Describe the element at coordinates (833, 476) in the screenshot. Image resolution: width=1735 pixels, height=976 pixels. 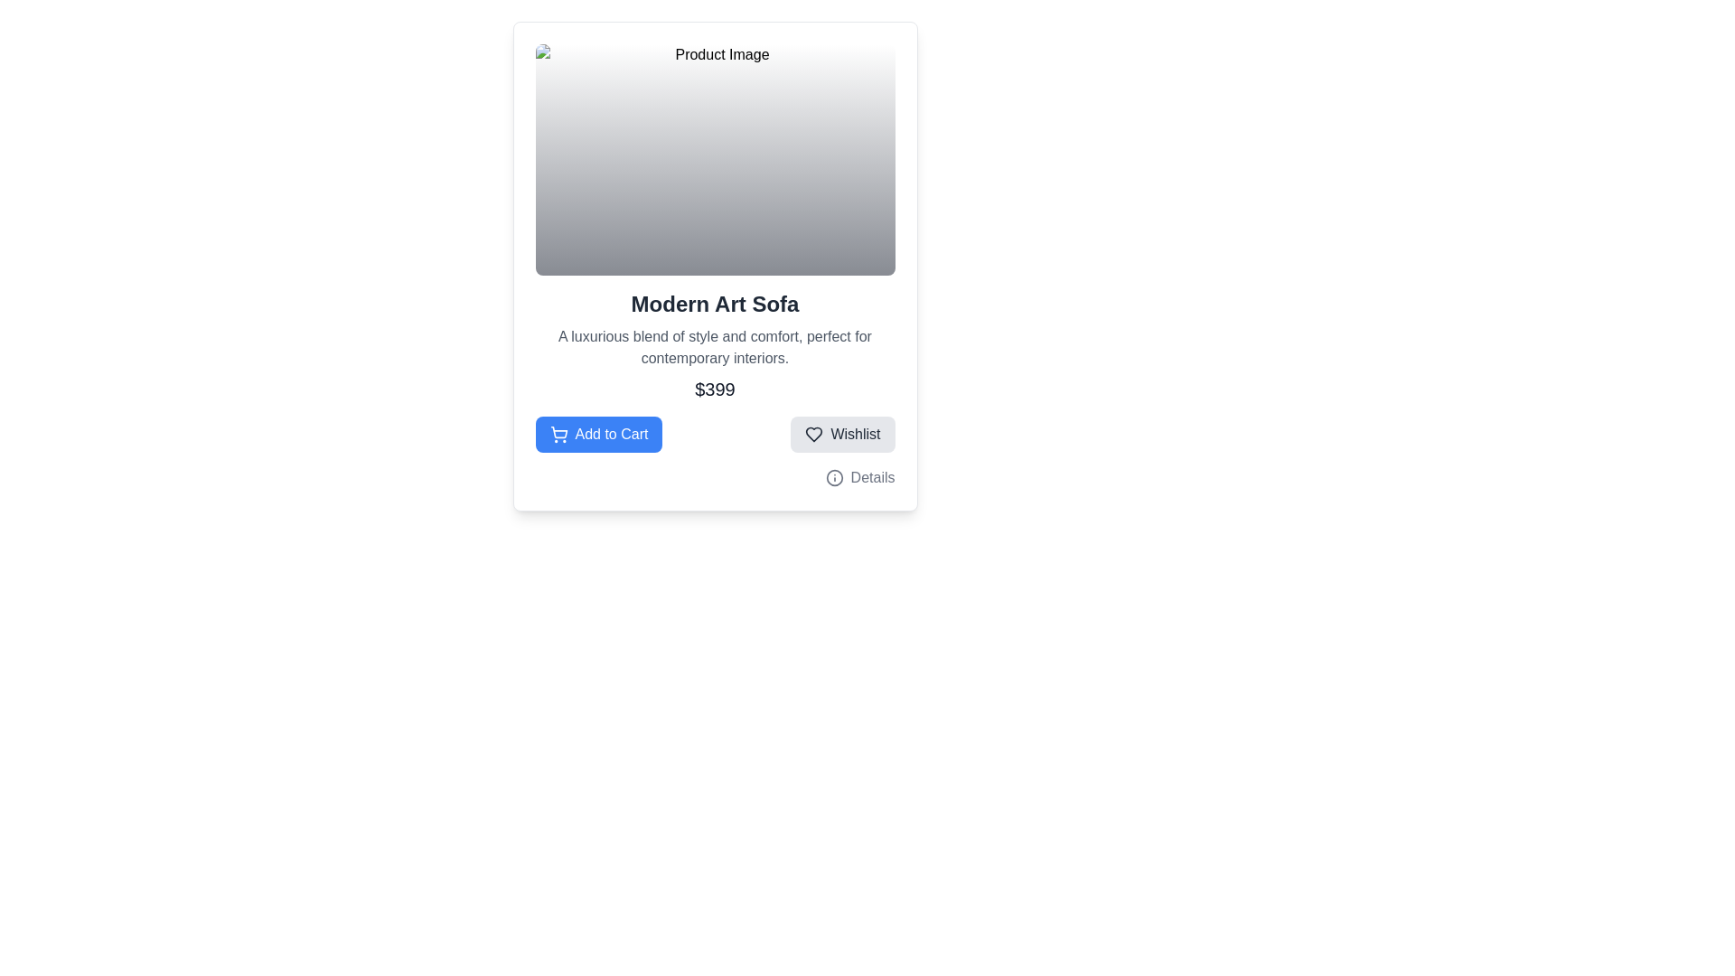
I see `the SVG circle element with a radius of 10 units located in the upper-right corner of the product card layout` at that location.